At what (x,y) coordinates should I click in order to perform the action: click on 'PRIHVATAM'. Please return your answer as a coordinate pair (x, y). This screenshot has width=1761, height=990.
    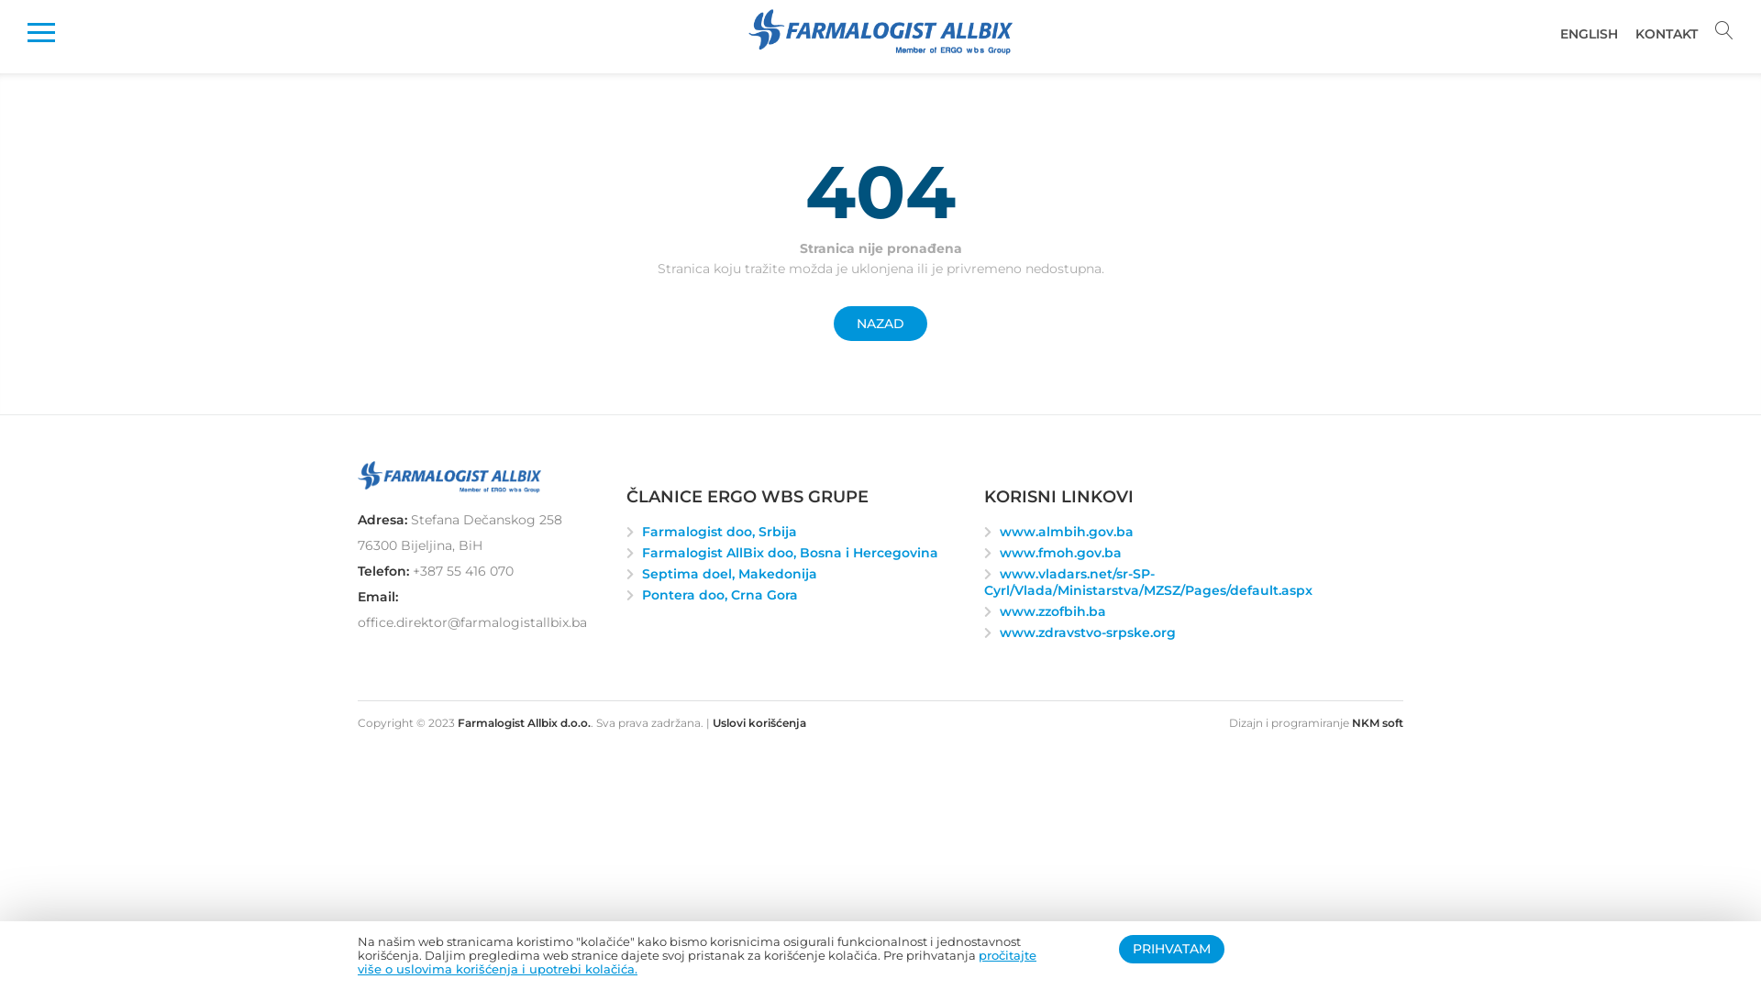
    Looking at the image, I should click on (1170, 949).